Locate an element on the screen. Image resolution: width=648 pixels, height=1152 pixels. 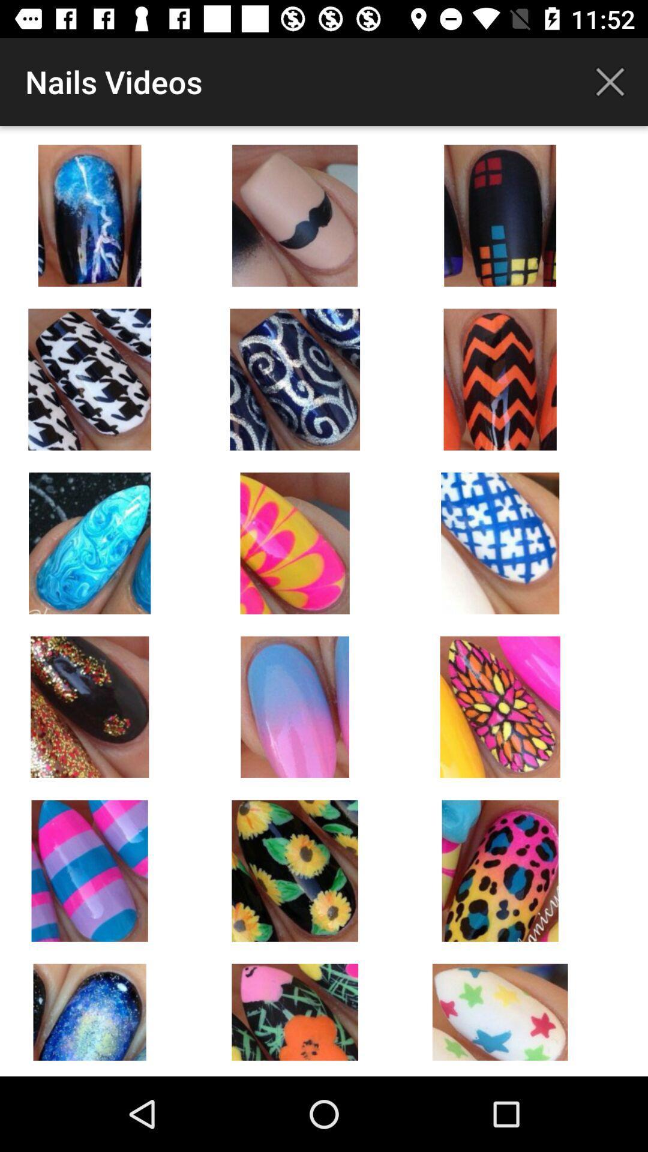
icon to the right of the nails videos icon is located at coordinates (610, 81).